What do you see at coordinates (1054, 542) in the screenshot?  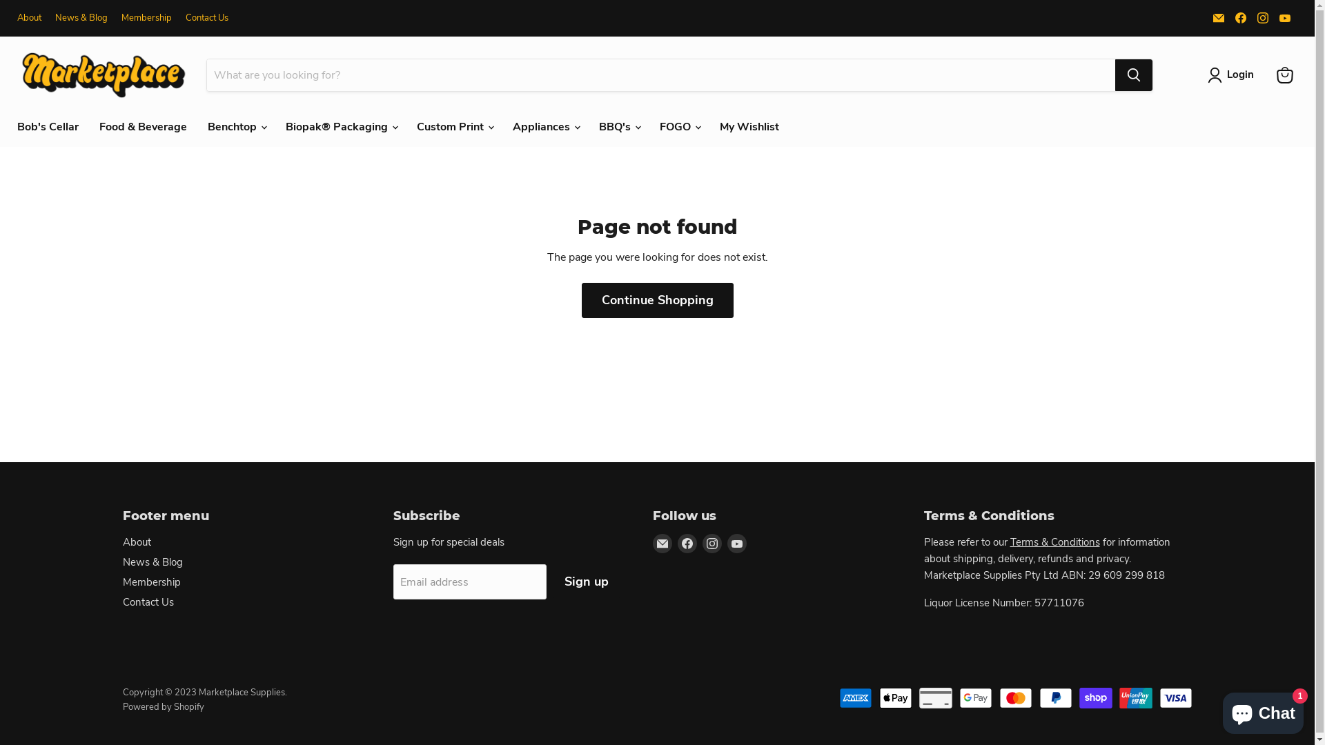 I see `'Terms & Conditions'` at bounding box center [1054, 542].